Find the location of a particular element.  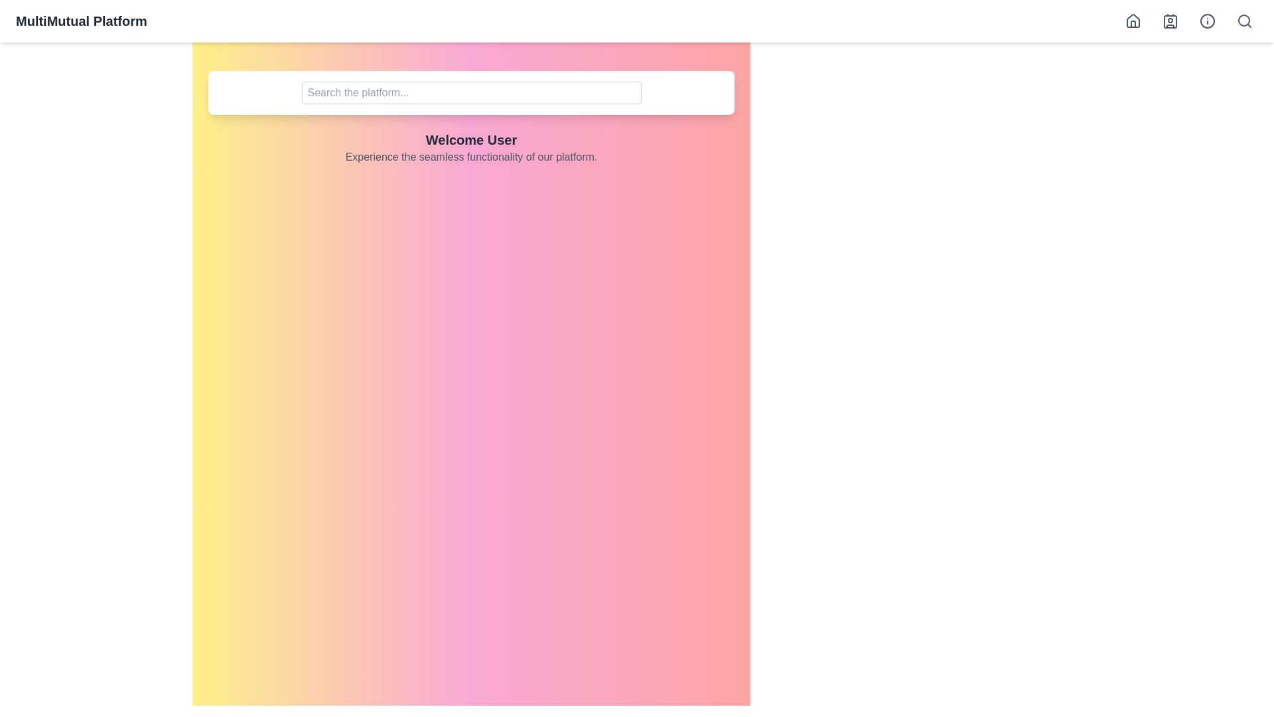

the contact button to navigate is located at coordinates (1170, 21).